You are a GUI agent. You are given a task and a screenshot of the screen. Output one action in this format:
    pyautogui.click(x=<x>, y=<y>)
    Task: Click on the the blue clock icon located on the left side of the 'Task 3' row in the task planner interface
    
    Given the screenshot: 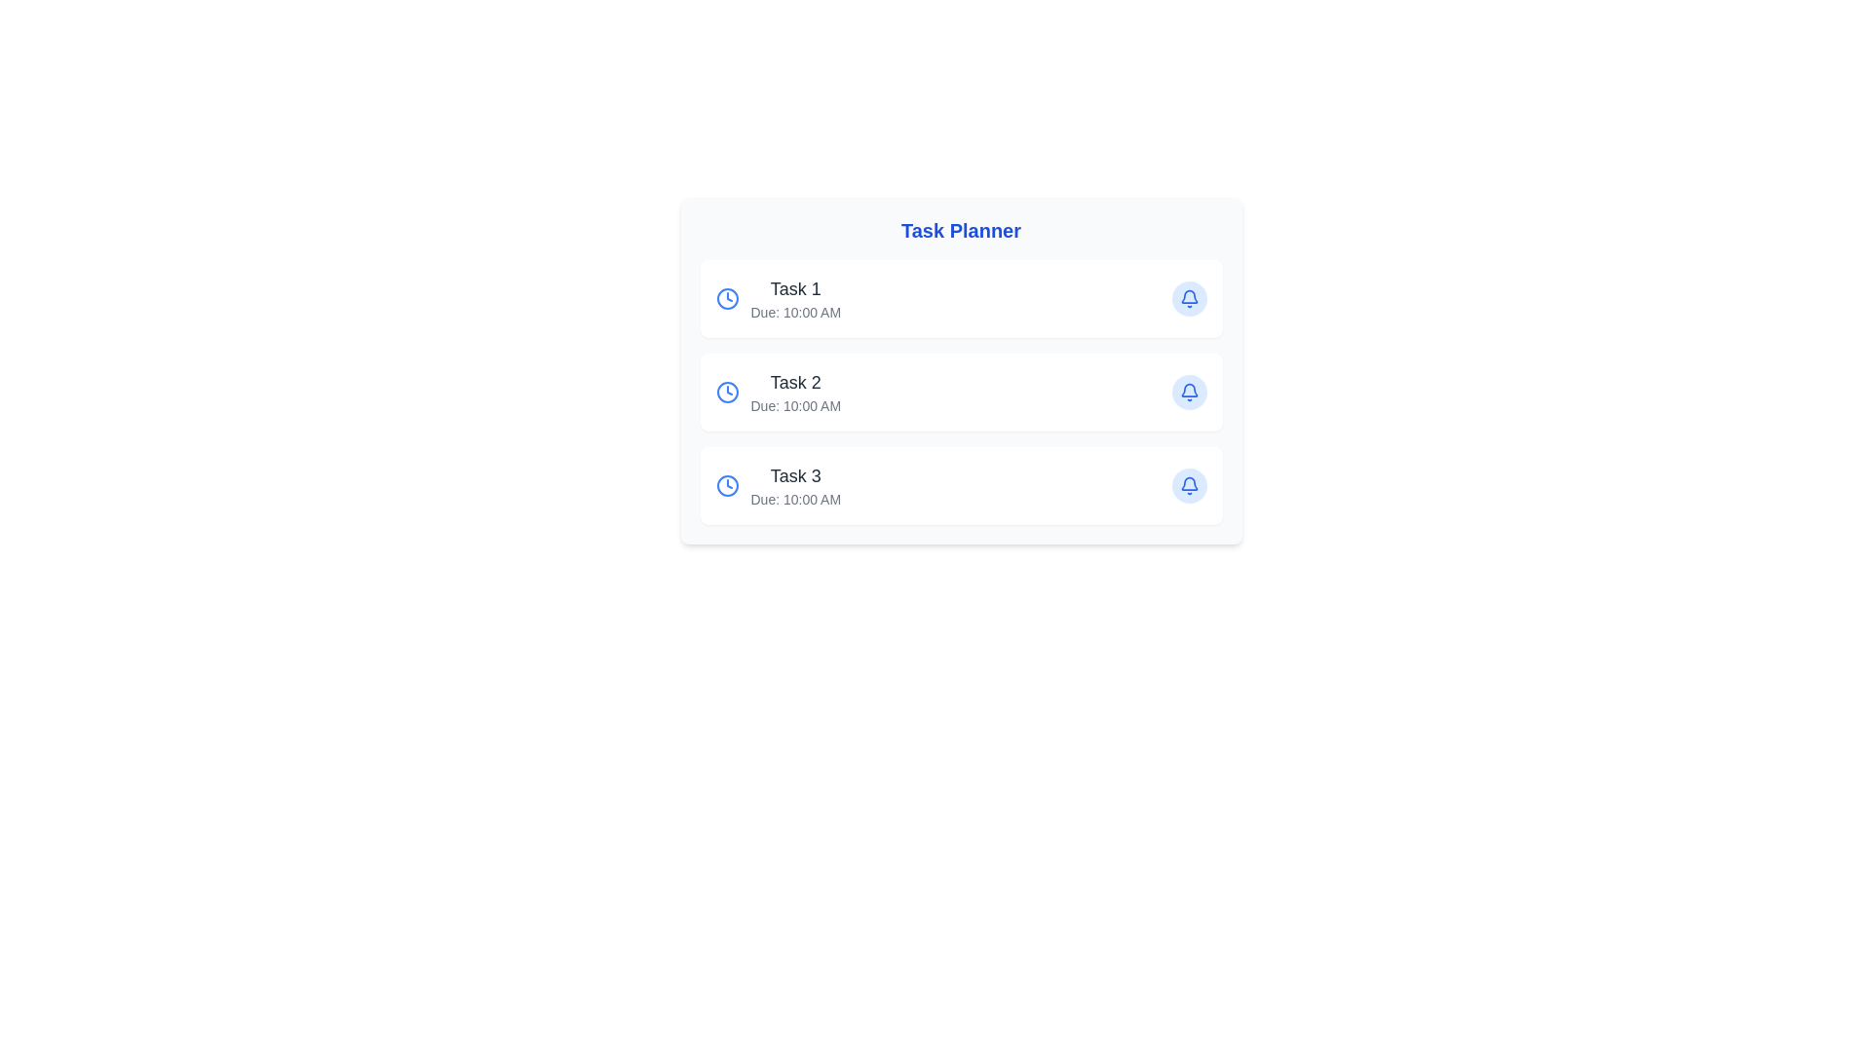 What is the action you would take?
    pyautogui.click(x=726, y=484)
    